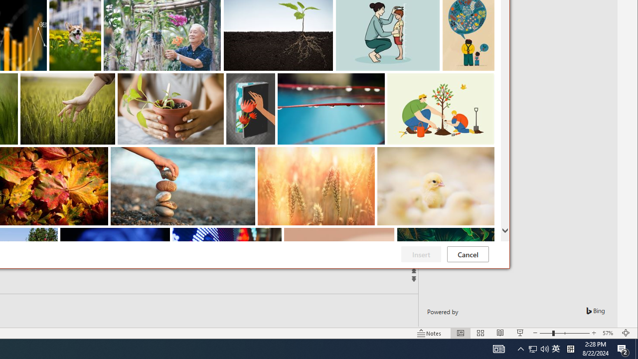 This screenshot has height=359, width=638. Describe the element at coordinates (626, 333) in the screenshot. I see `'Zoom to Fit '` at that location.